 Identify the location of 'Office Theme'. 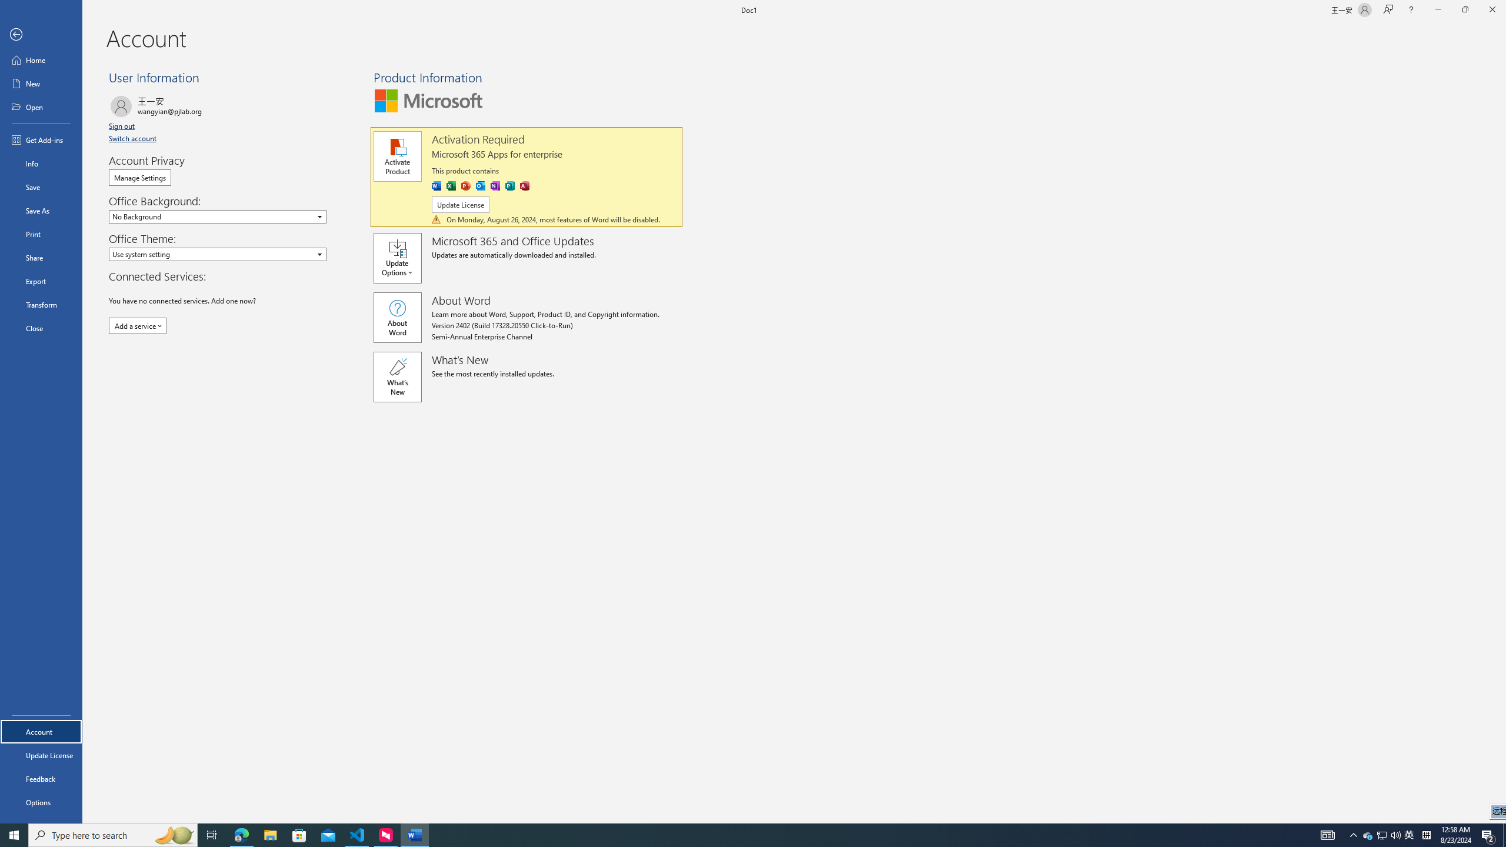
(216, 254).